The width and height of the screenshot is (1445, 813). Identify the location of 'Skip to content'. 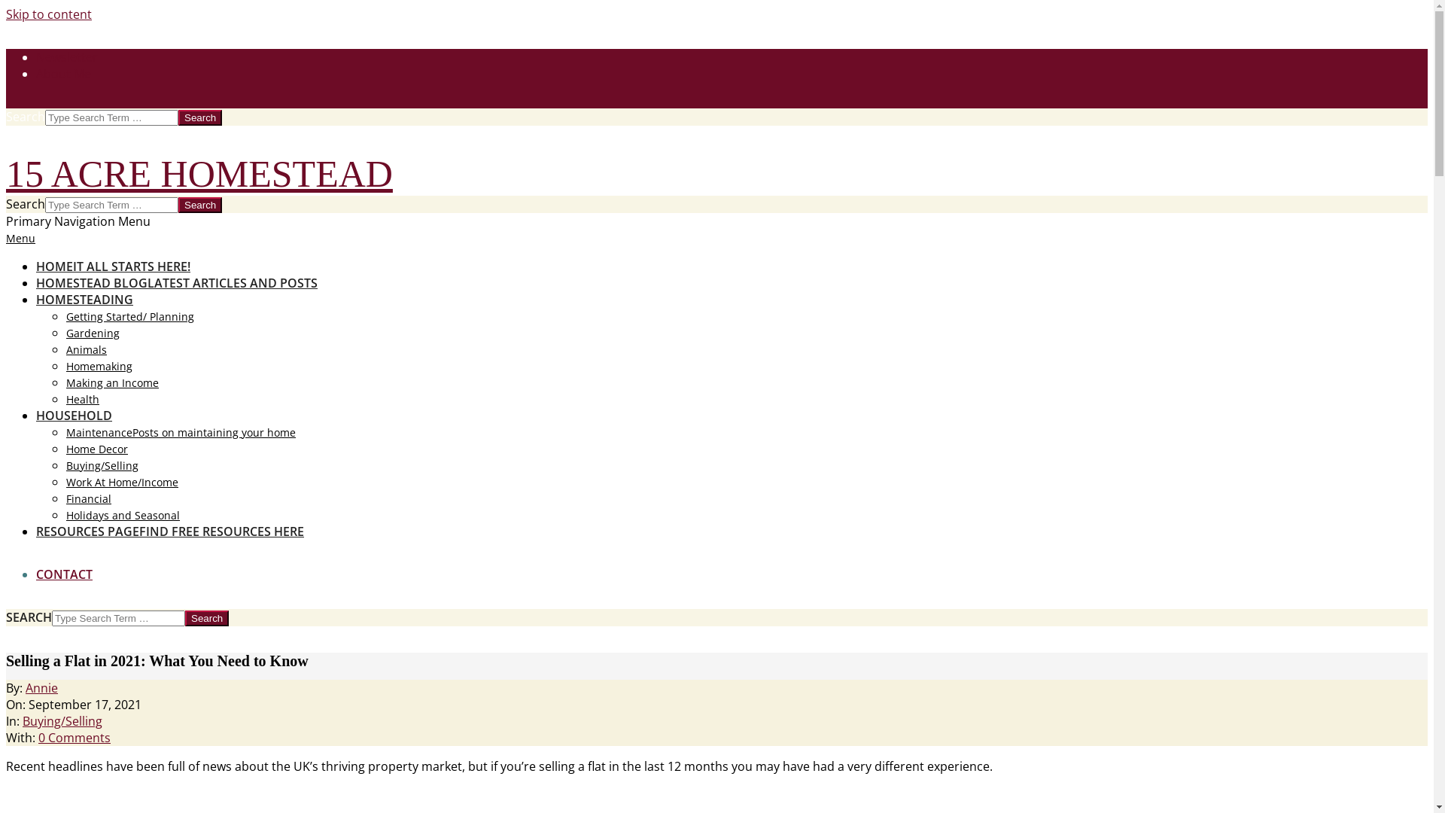
(49, 14).